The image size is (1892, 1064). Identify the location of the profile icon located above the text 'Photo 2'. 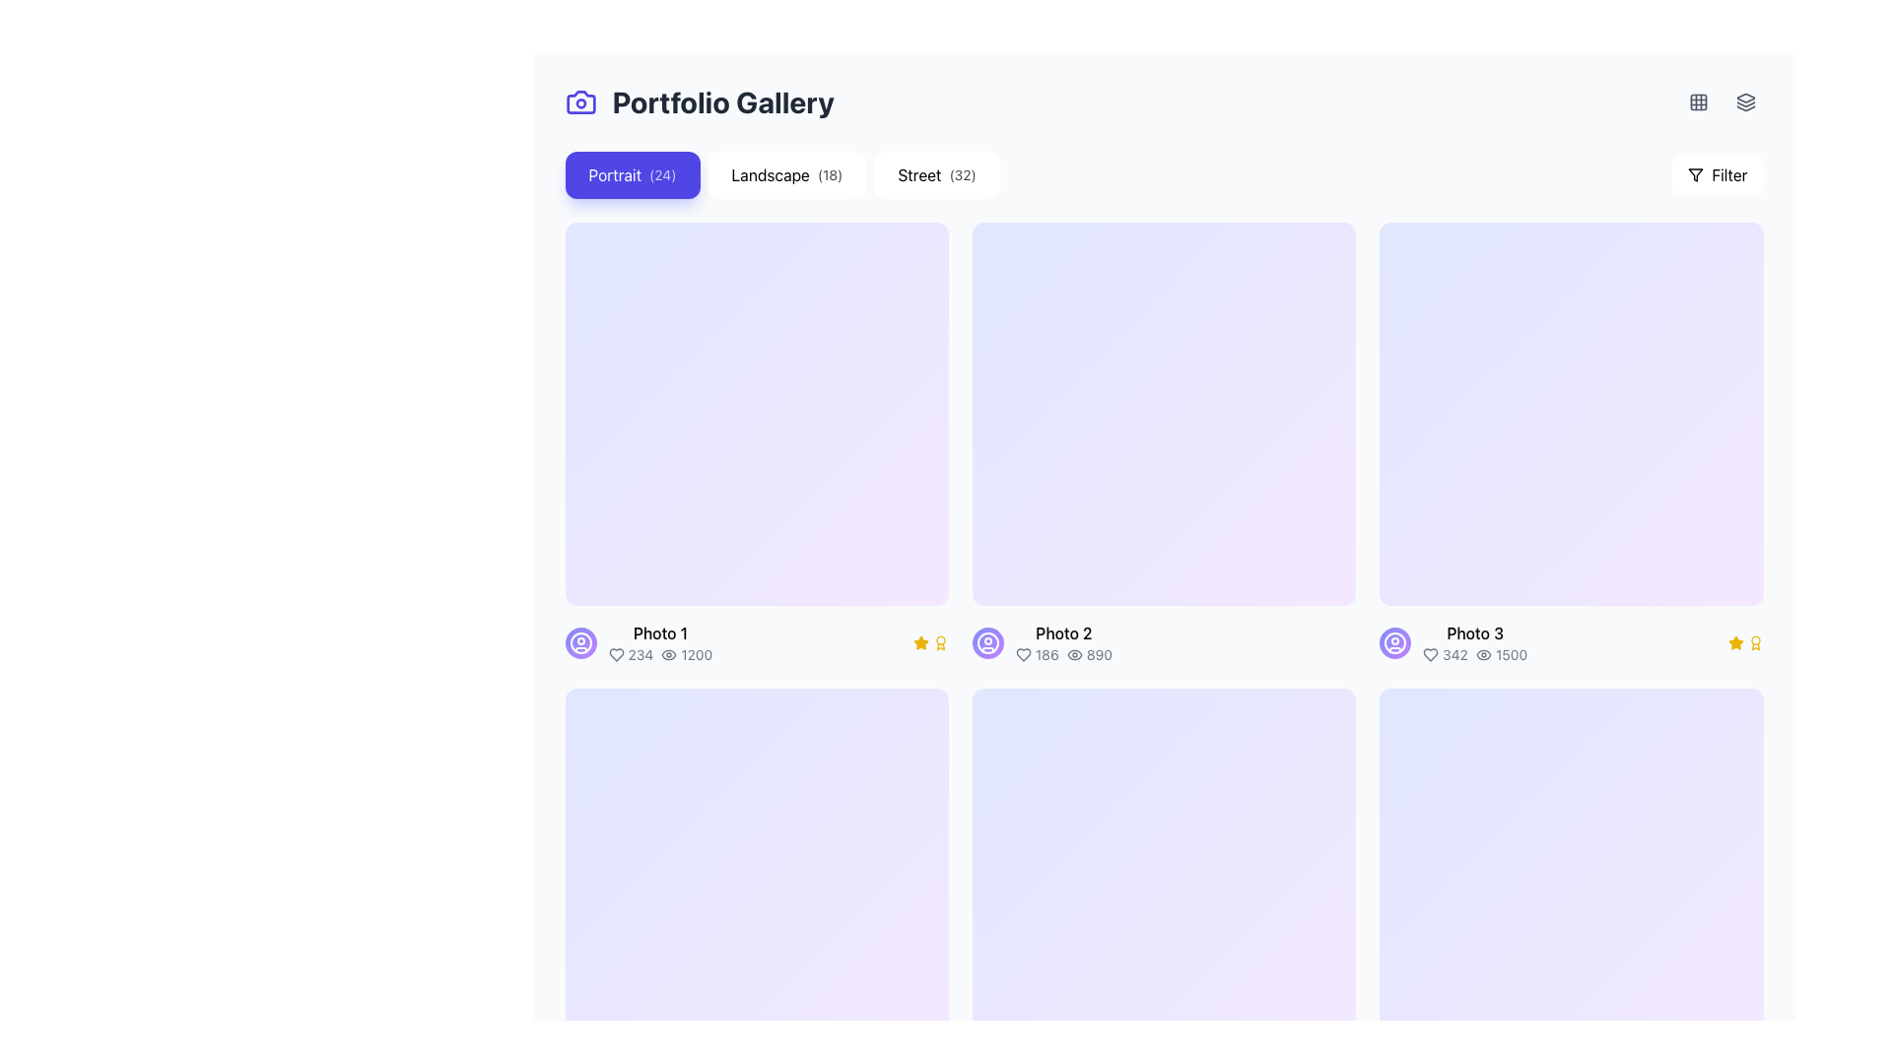
(987, 643).